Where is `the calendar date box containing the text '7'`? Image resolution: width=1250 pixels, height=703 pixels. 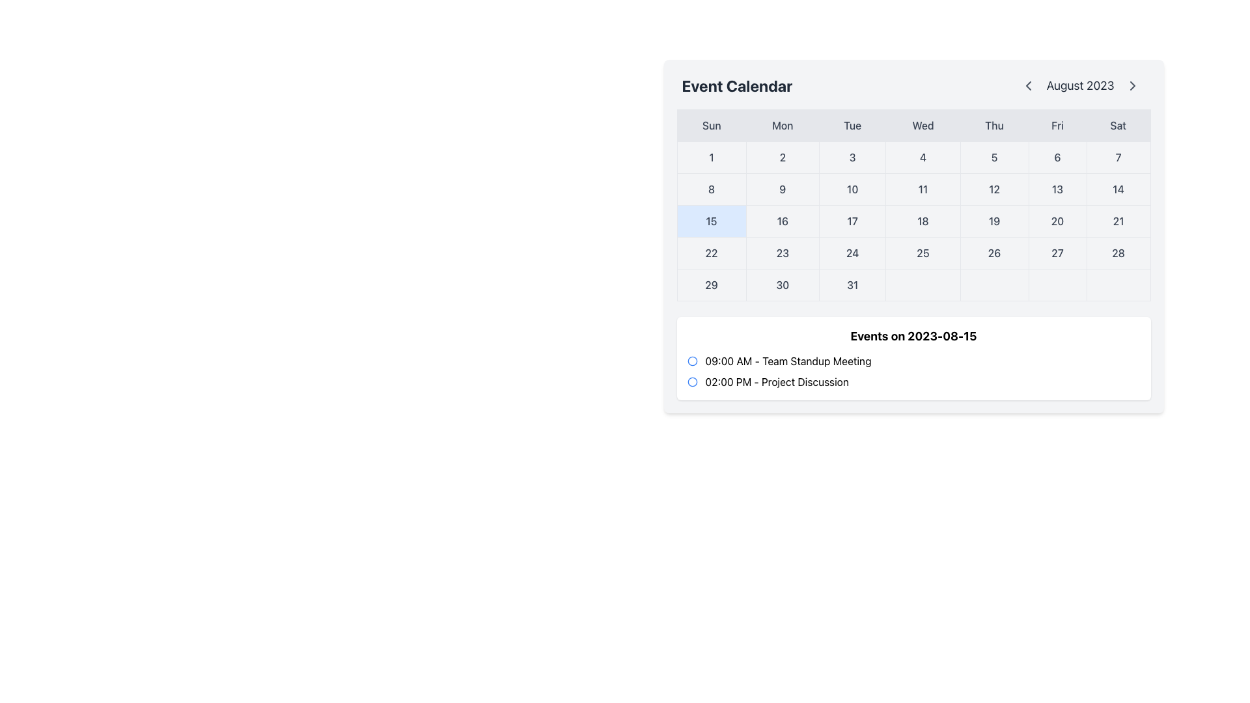 the calendar date box containing the text '7' is located at coordinates (1118, 157).